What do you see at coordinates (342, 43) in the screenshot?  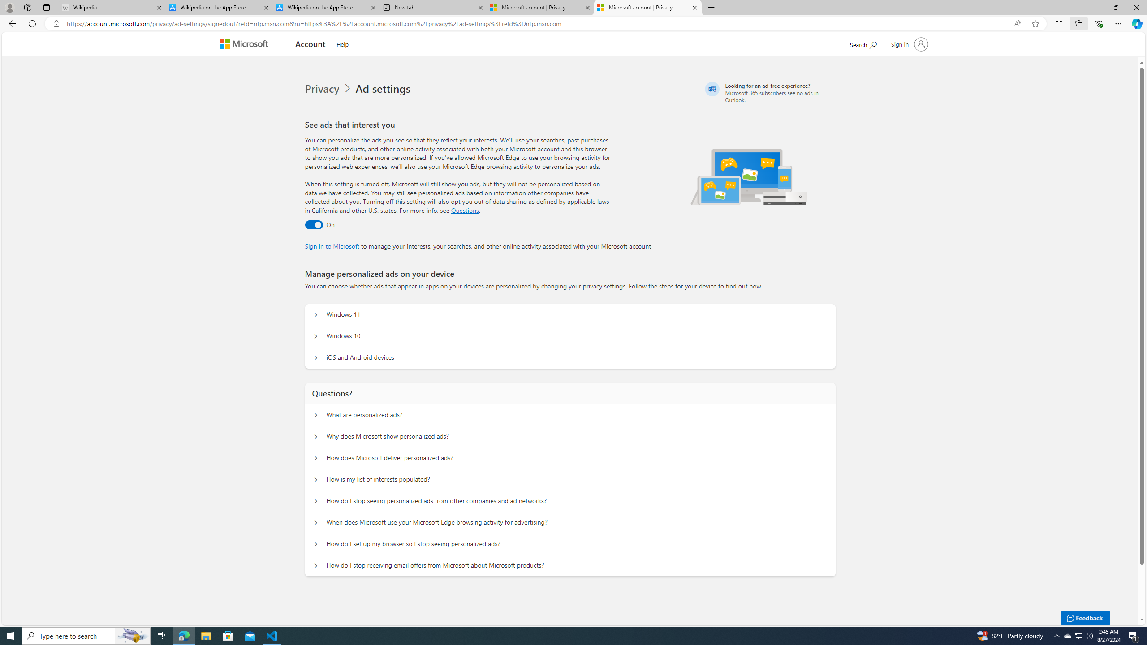 I see `'Help'` at bounding box center [342, 43].